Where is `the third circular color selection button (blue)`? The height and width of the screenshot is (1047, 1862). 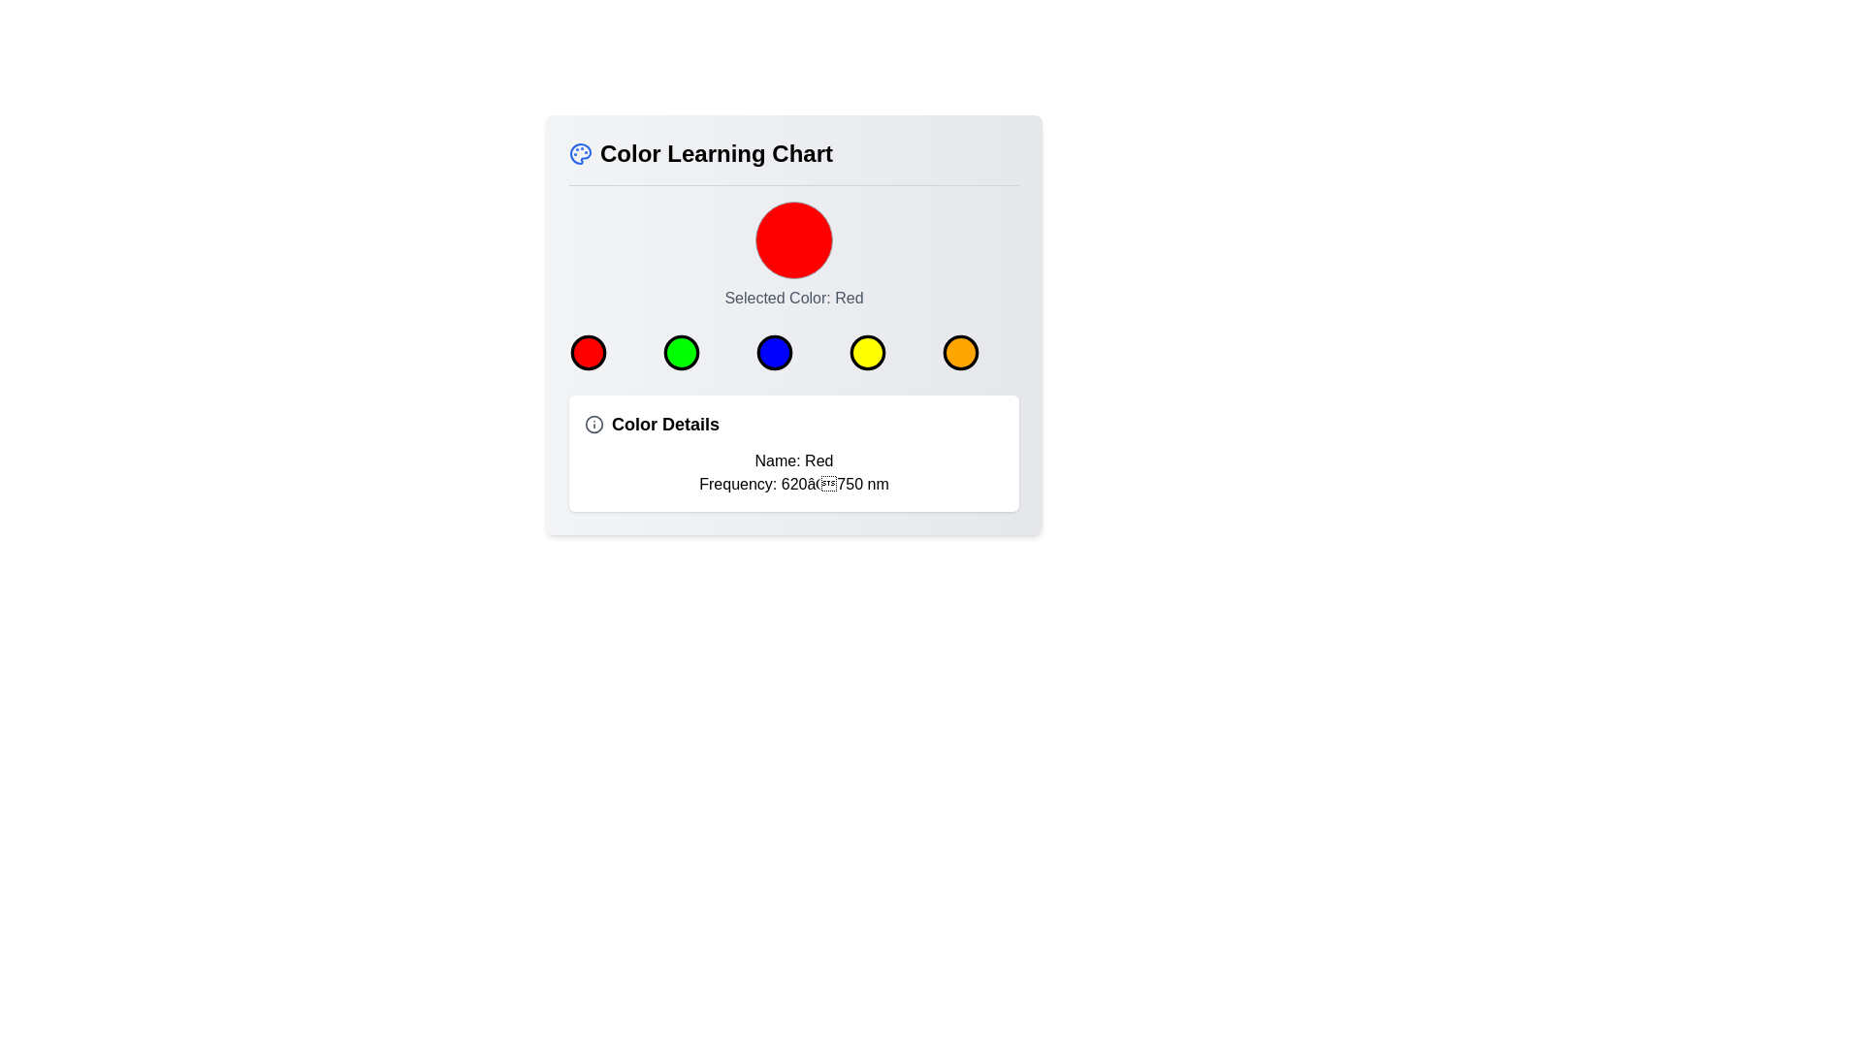 the third circular color selection button (blue) is located at coordinates (773, 352).